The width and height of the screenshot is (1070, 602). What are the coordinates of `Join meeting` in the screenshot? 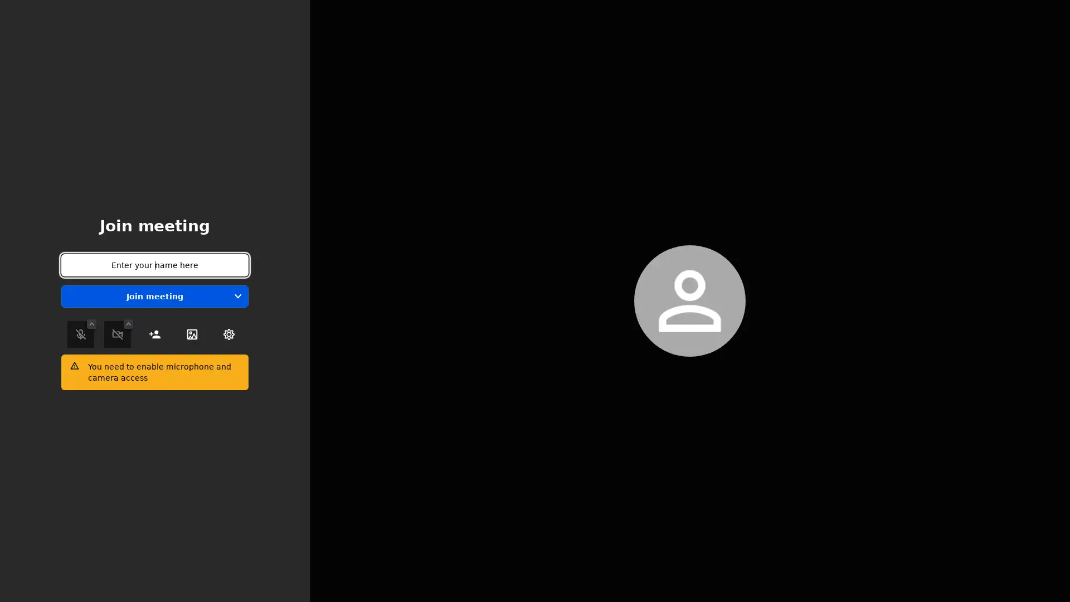 It's located at (154, 296).